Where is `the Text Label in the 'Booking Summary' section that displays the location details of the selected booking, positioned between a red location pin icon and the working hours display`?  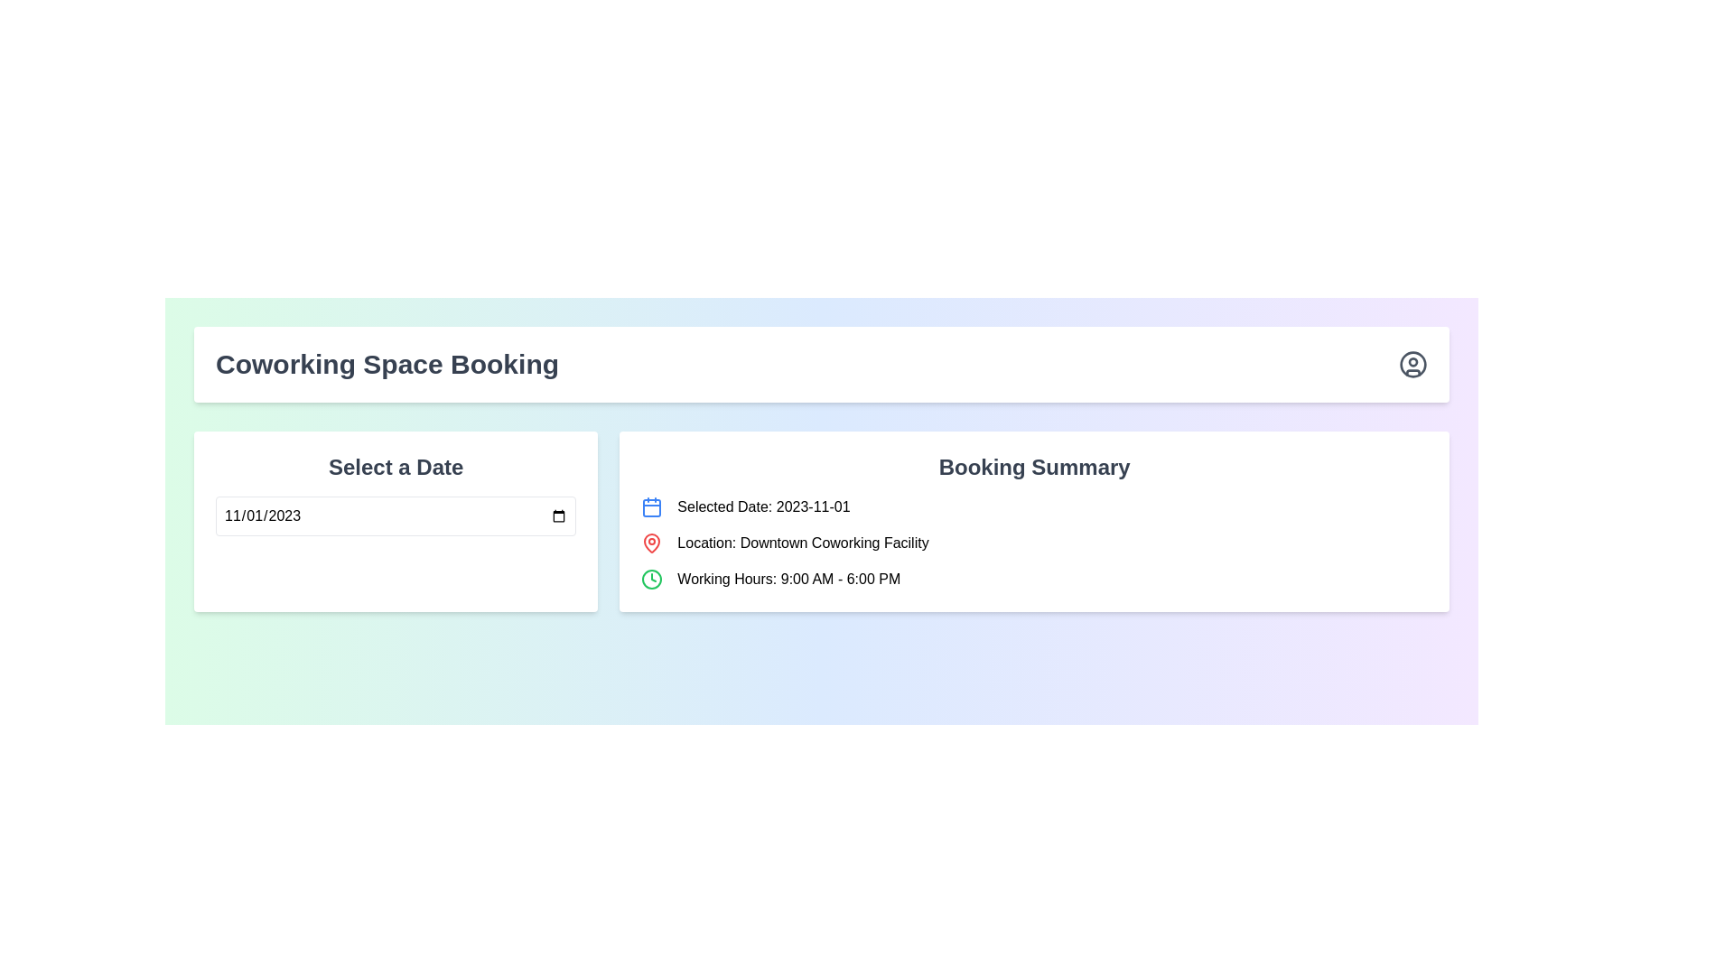
the Text Label in the 'Booking Summary' section that displays the location details of the selected booking, positioned between a red location pin icon and the working hours display is located at coordinates (802, 542).